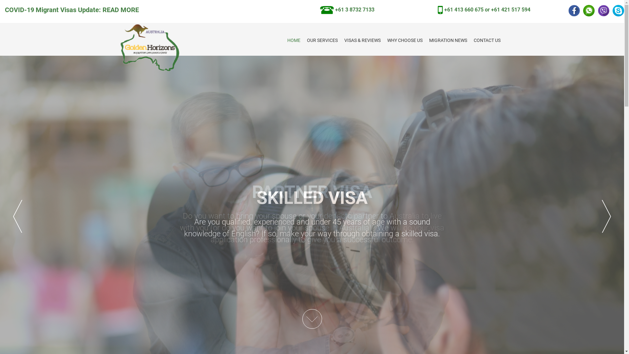 Image resolution: width=629 pixels, height=354 pixels. Describe the element at coordinates (405, 40) in the screenshot. I see `'WHY CHOOSE US'` at that location.